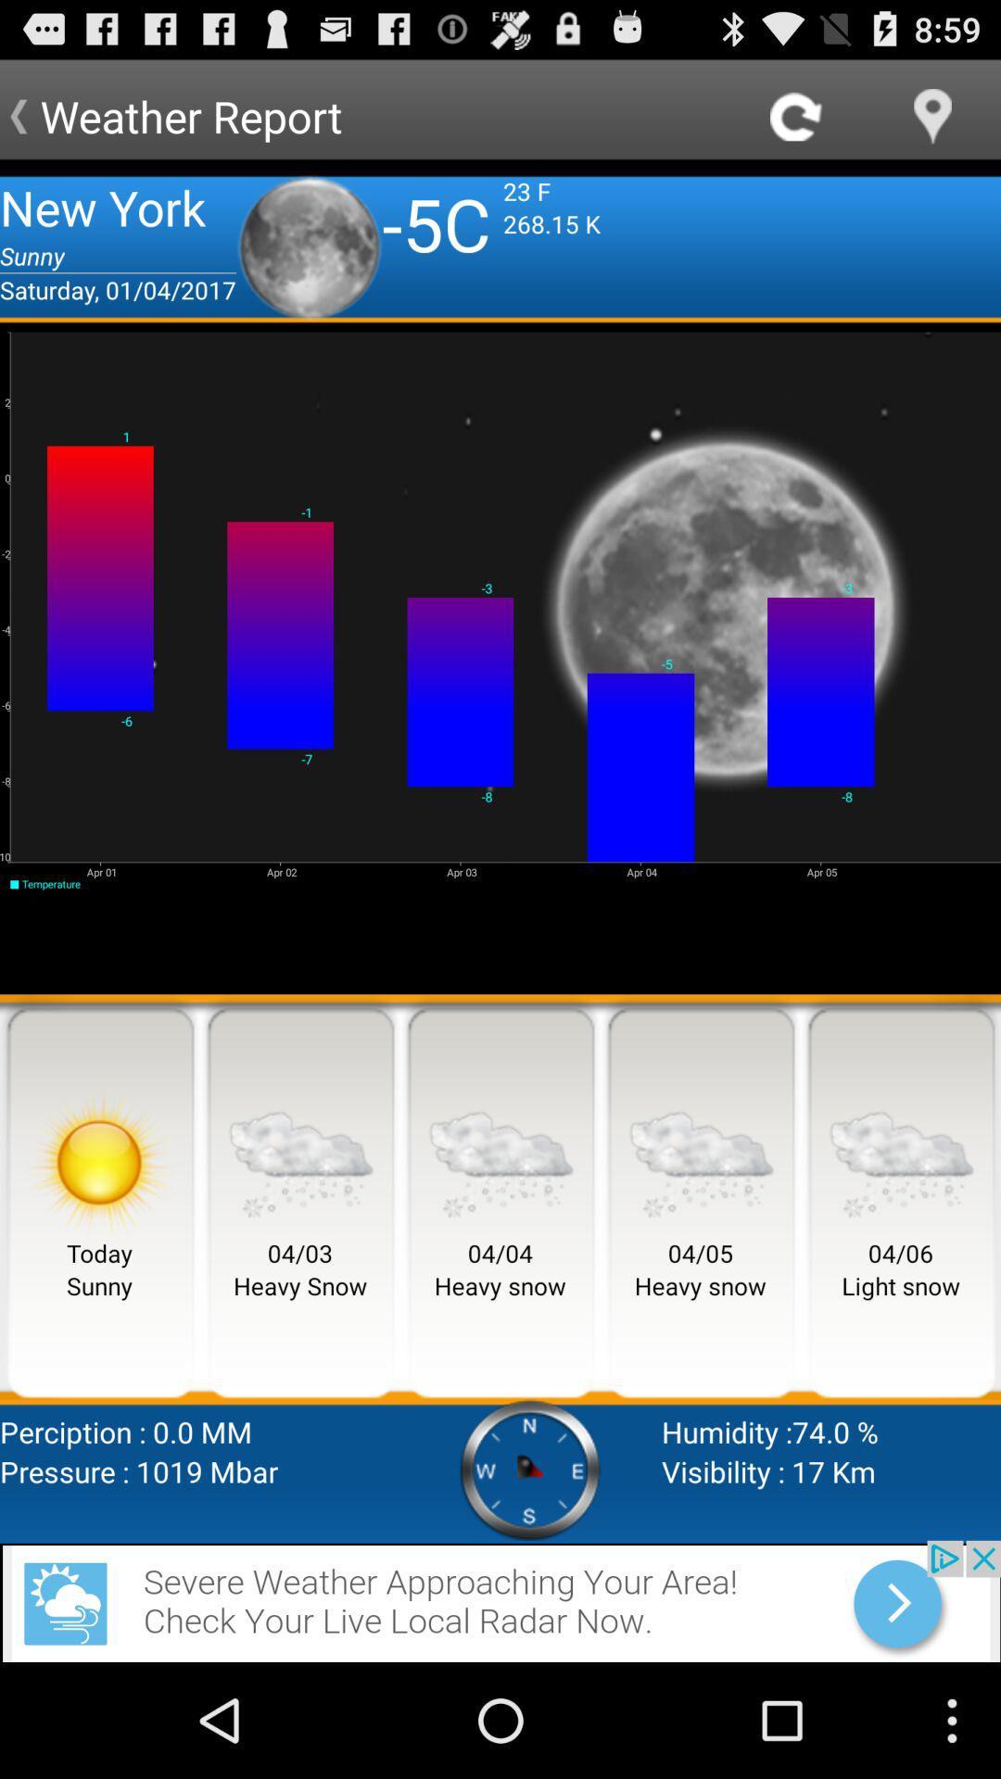 The image size is (1001, 1779). I want to click on advertisement, so click(500, 1600).